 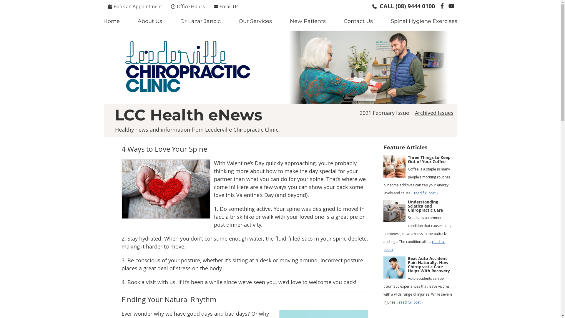 What do you see at coordinates (135, 6) in the screenshot?
I see `'Book an Appointment'` at bounding box center [135, 6].